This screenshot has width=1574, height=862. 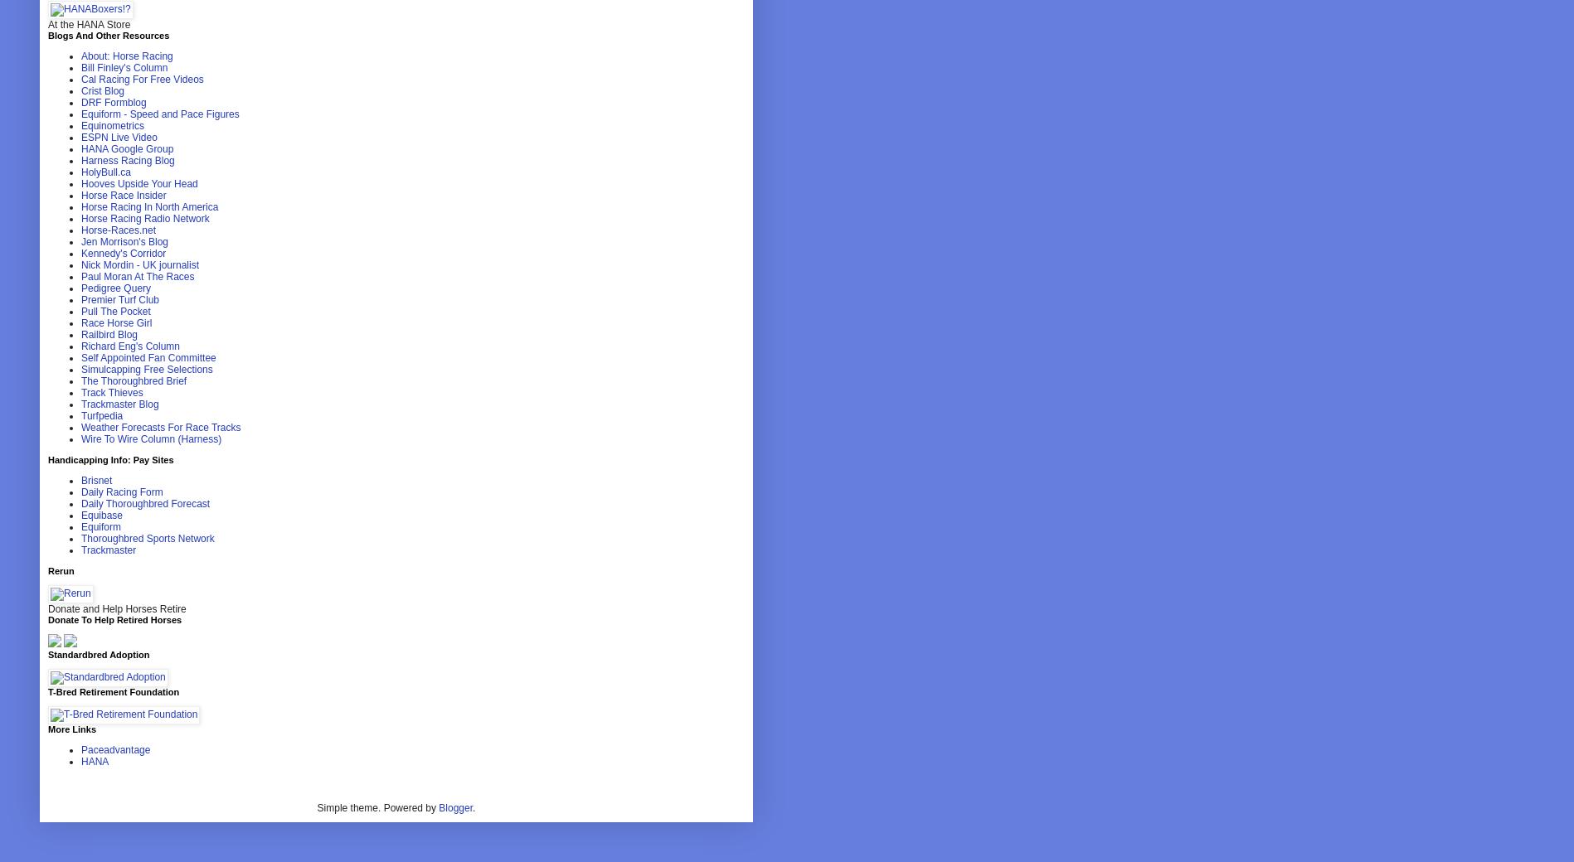 I want to click on 'Wire To Wire Column (Harness)', so click(x=150, y=438).